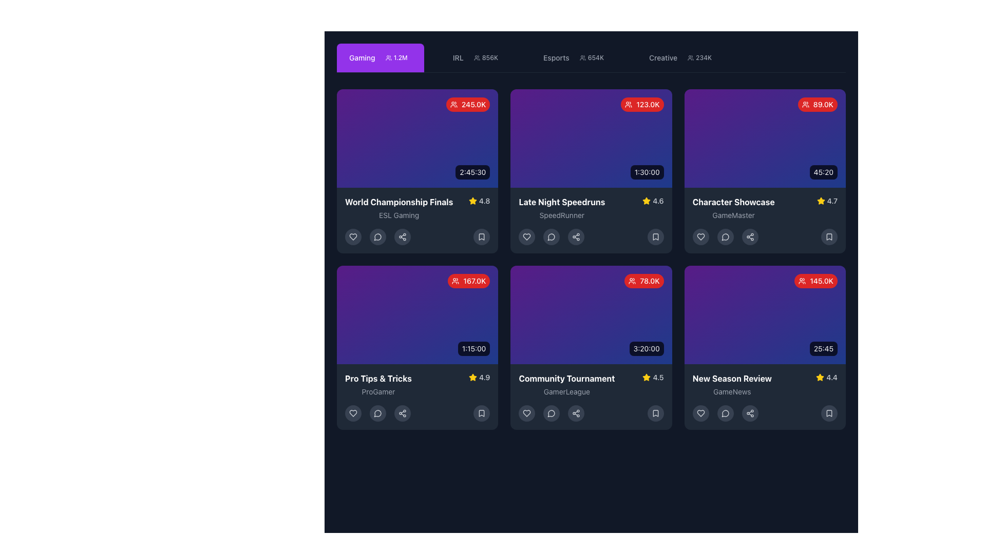 This screenshot has width=986, height=554. What do you see at coordinates (655, 413) in the screenshot?
I see `the bookmark icon located at the bottom-right corner of the 'New Season Review' card` at bounding box center [655, 413].